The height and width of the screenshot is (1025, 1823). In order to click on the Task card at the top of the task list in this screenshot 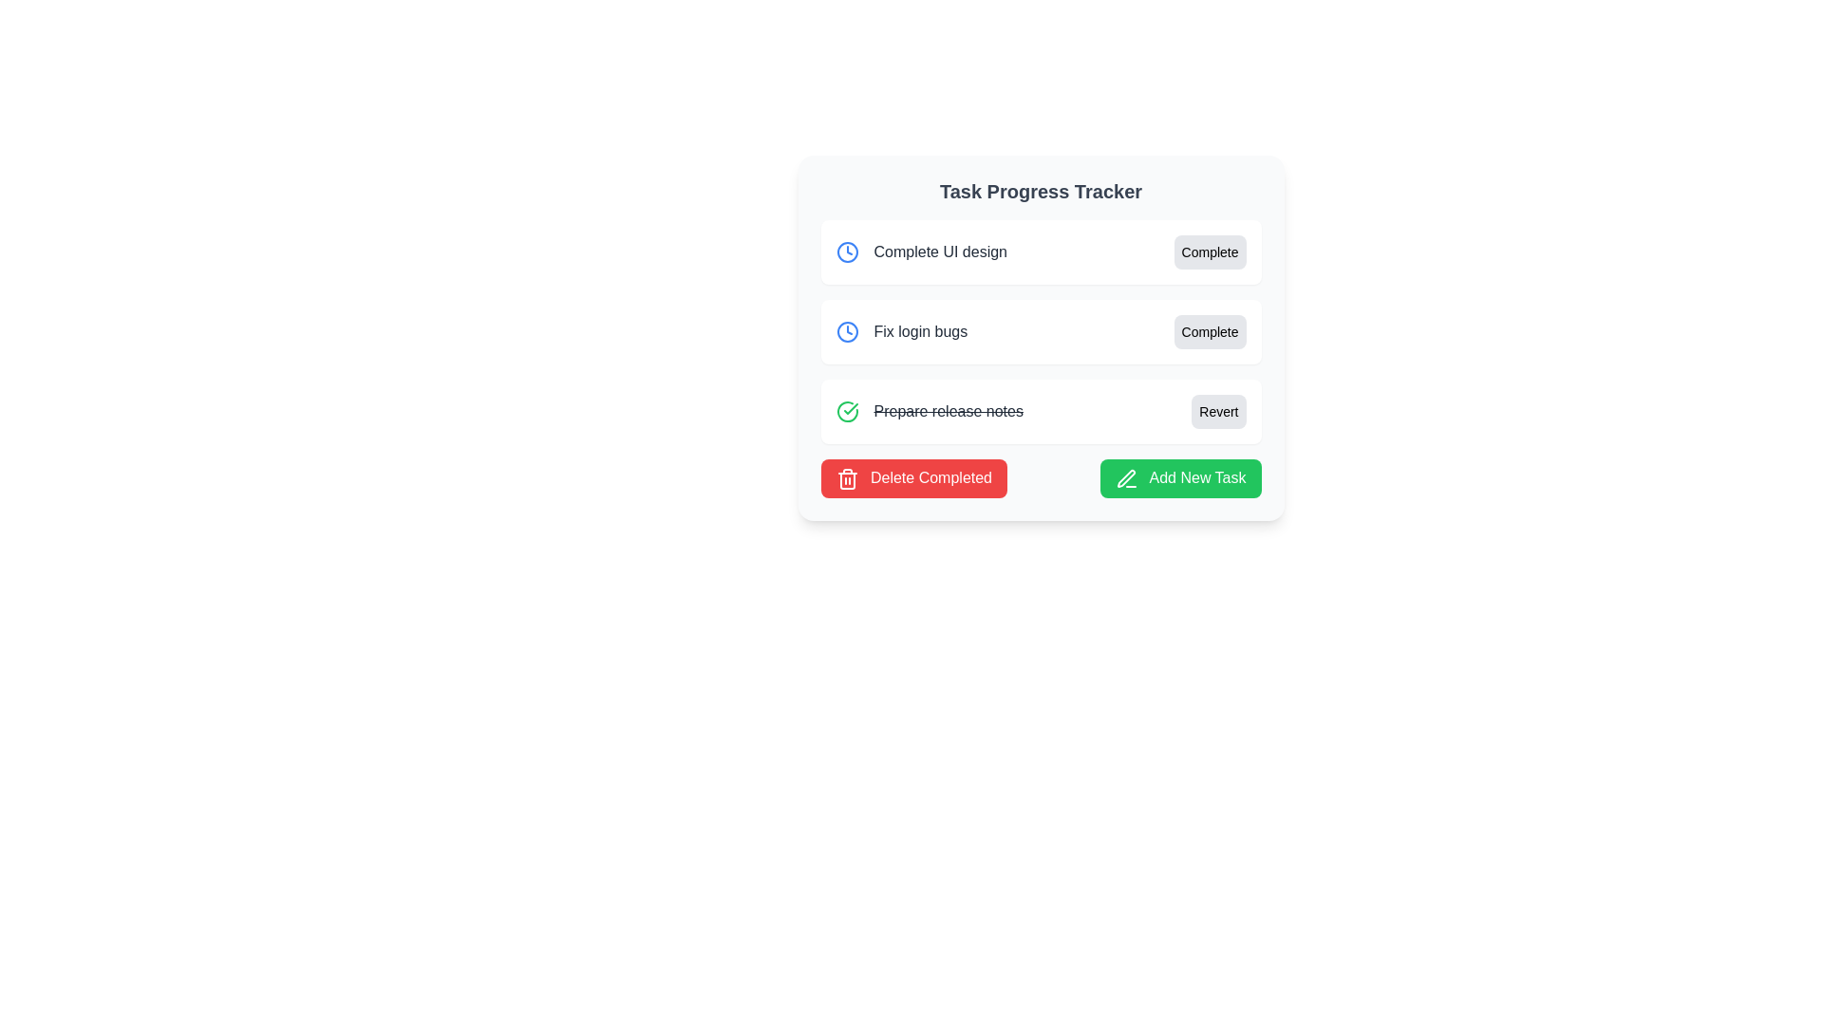, I will do `click(1040, 252)`.